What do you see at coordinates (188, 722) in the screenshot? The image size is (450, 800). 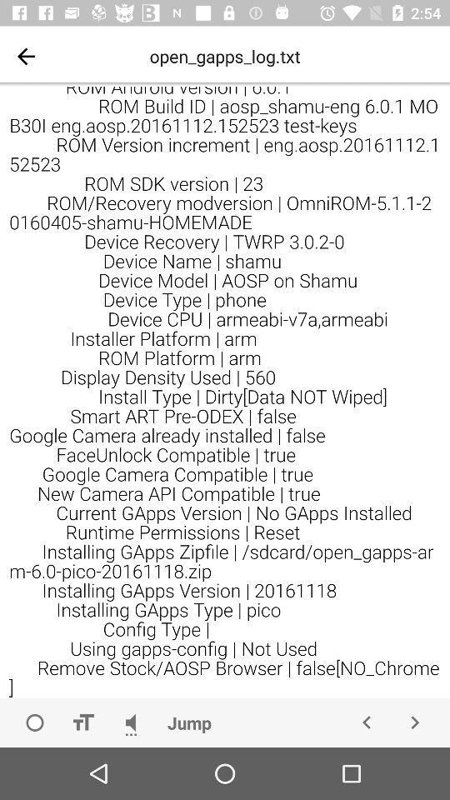 I see `the jump` at bounding box center [188, 722].